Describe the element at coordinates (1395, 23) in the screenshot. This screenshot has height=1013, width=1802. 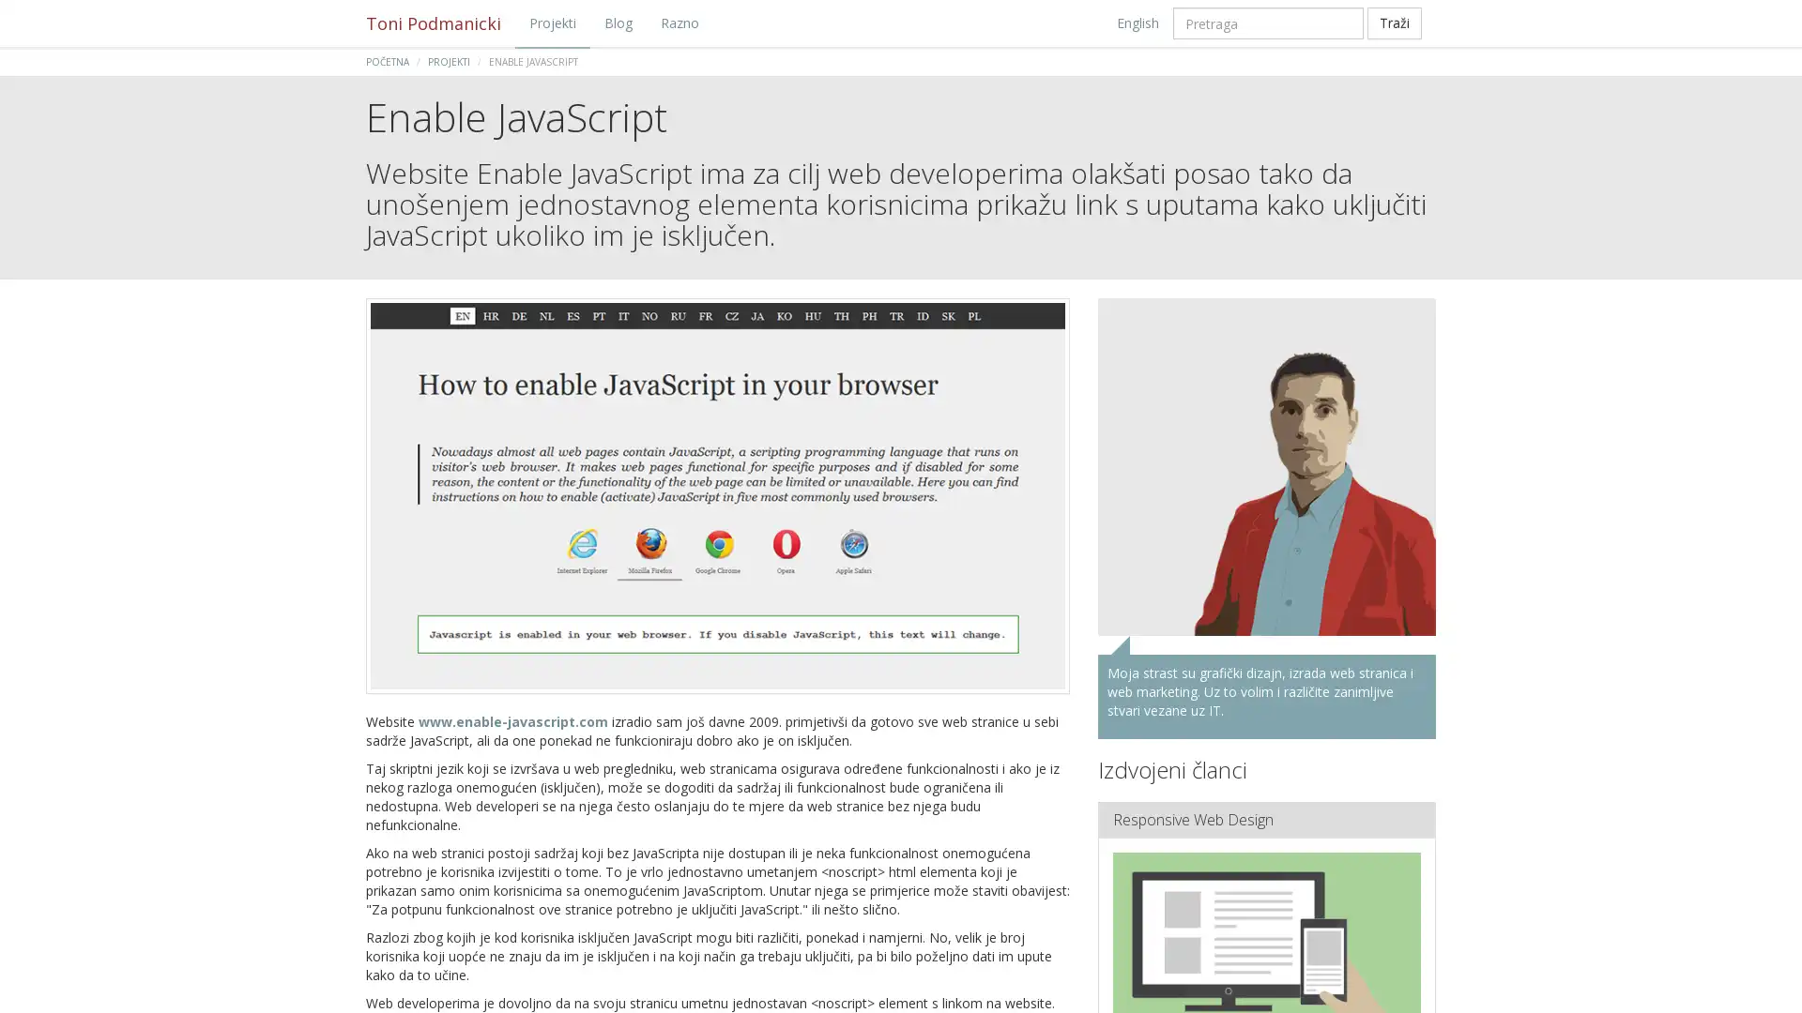
I see `Trazi` at that location.